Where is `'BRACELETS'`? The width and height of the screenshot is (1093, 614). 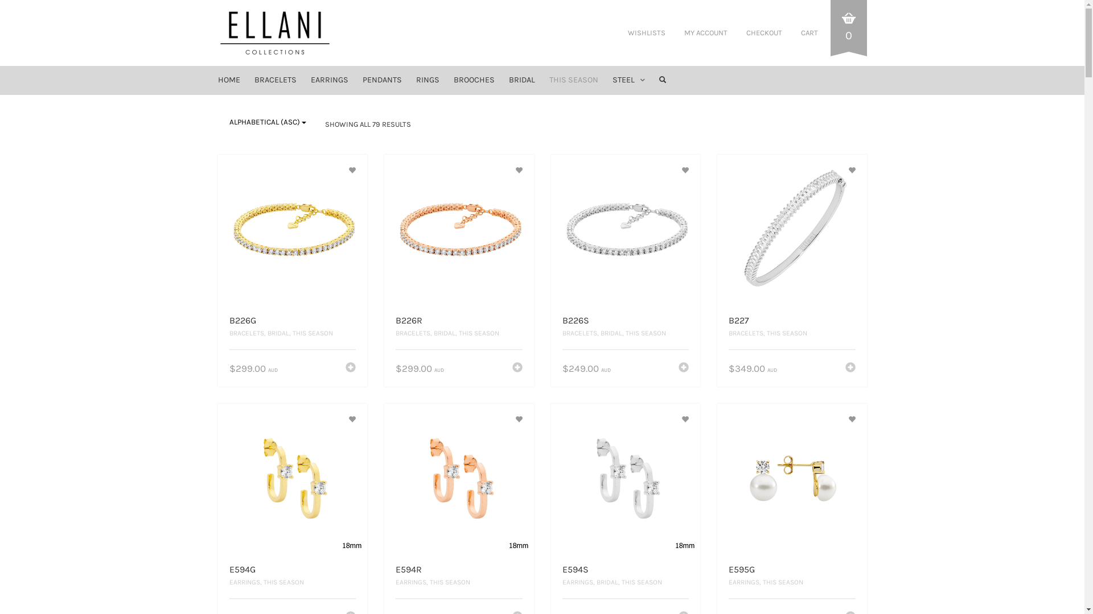
'BRACELETS' is located at coordinates (248, 80).